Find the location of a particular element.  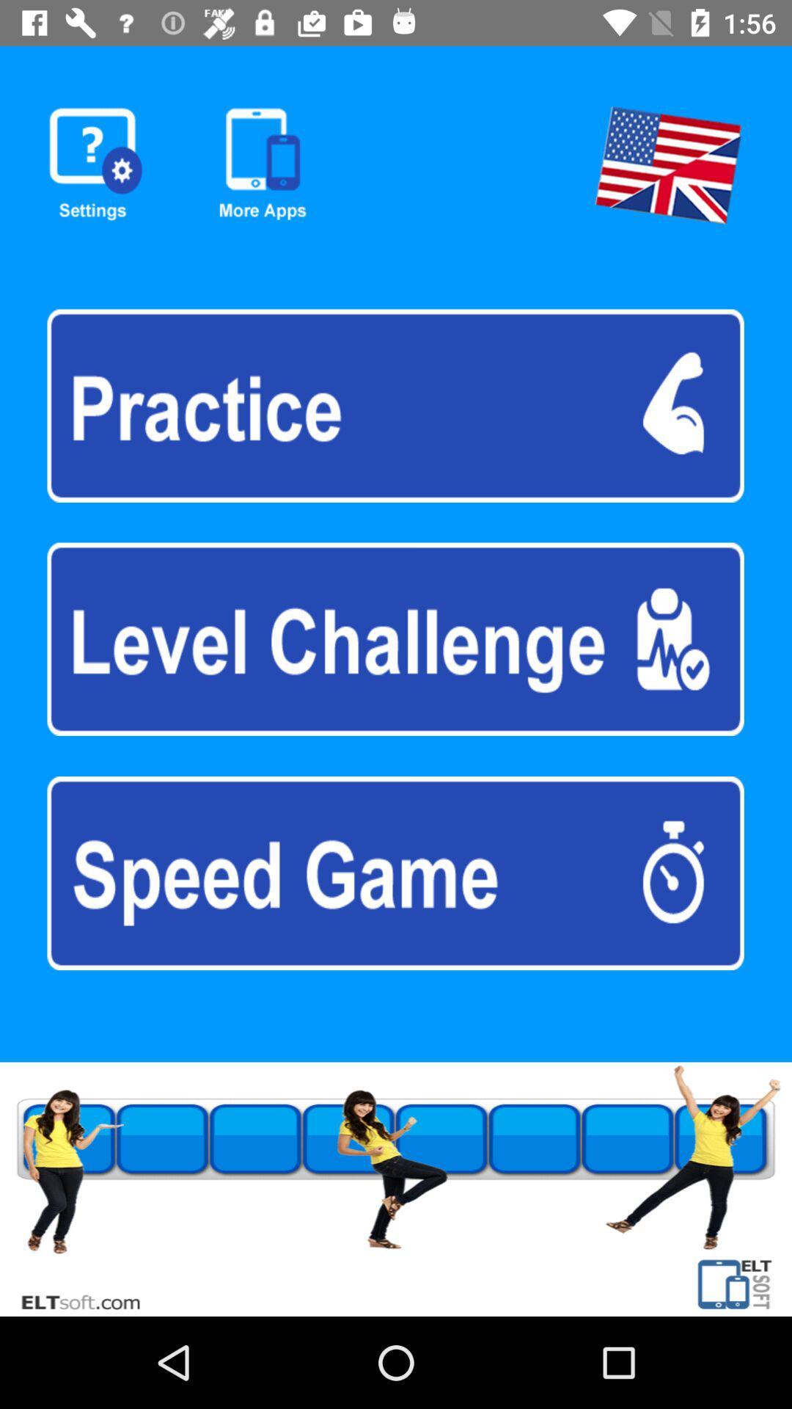

show more apps is located at coordinates (262, 165).